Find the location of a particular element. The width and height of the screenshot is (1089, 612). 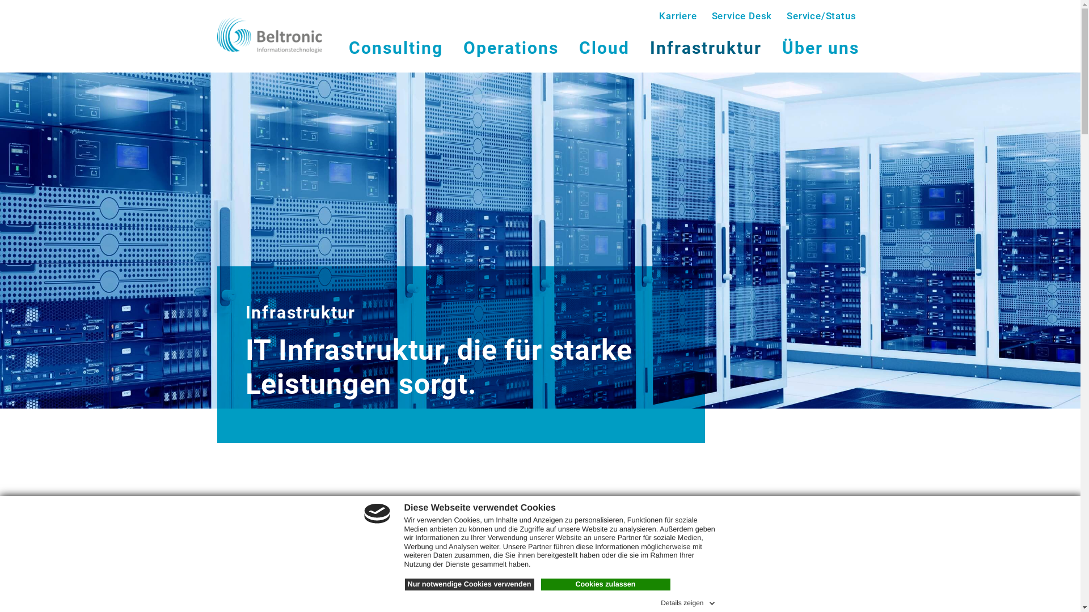

'Cloud' is located at coordinates (574, 47).